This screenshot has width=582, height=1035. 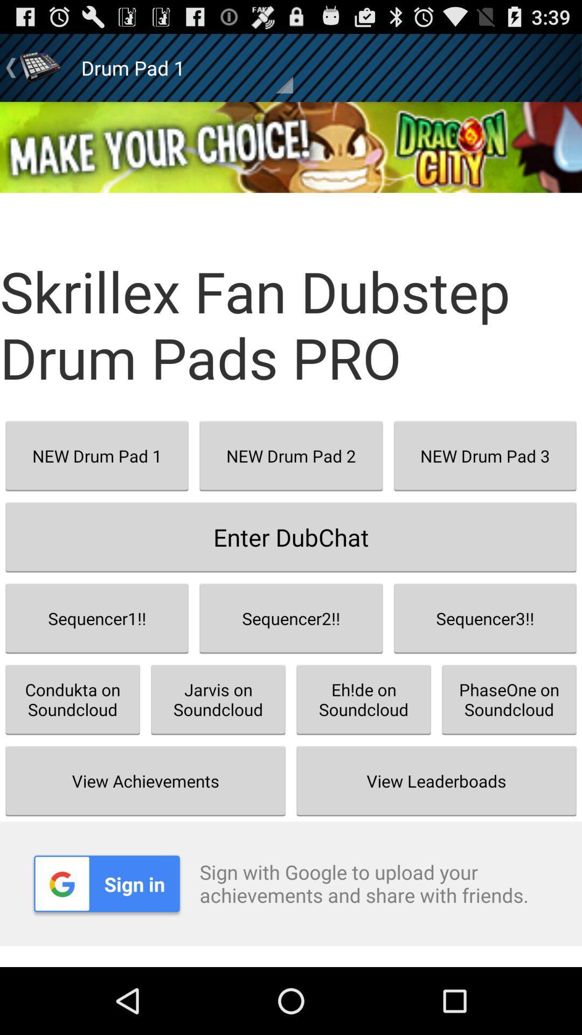 What do you see at coordinates (291, 147) in the screenshot?
I see `the app above the skrillex fan dubstep icon` at bounding box center [291, 147].